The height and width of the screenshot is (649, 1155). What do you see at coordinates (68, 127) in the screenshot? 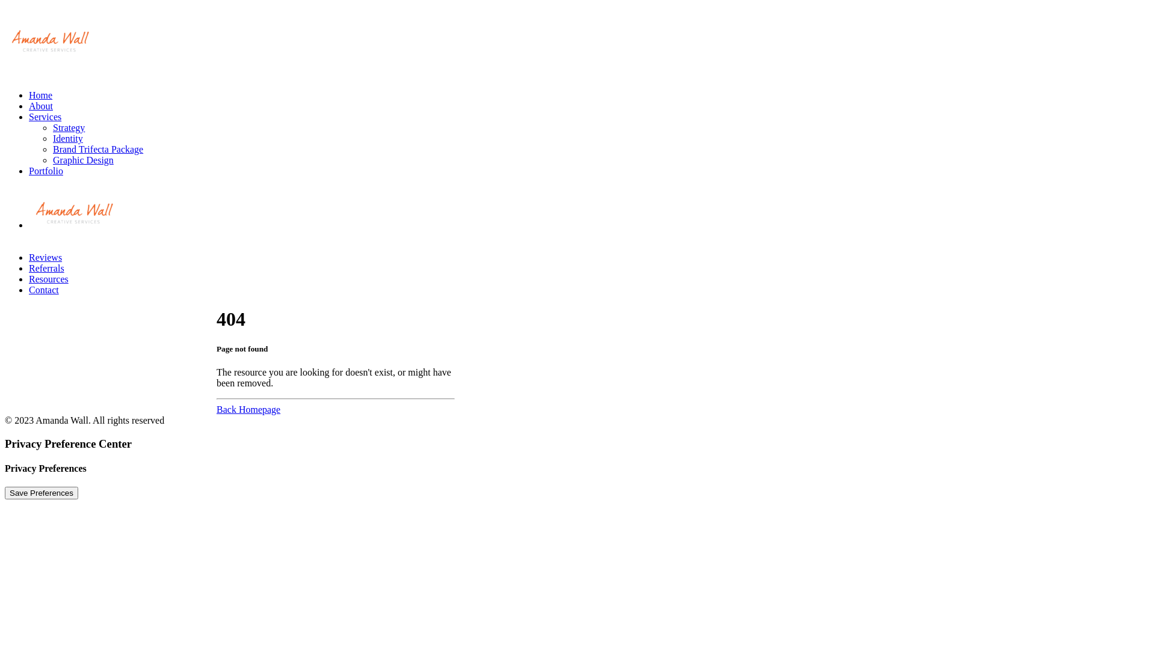
I see `'Strategy'` at bounding box center [68, 127].